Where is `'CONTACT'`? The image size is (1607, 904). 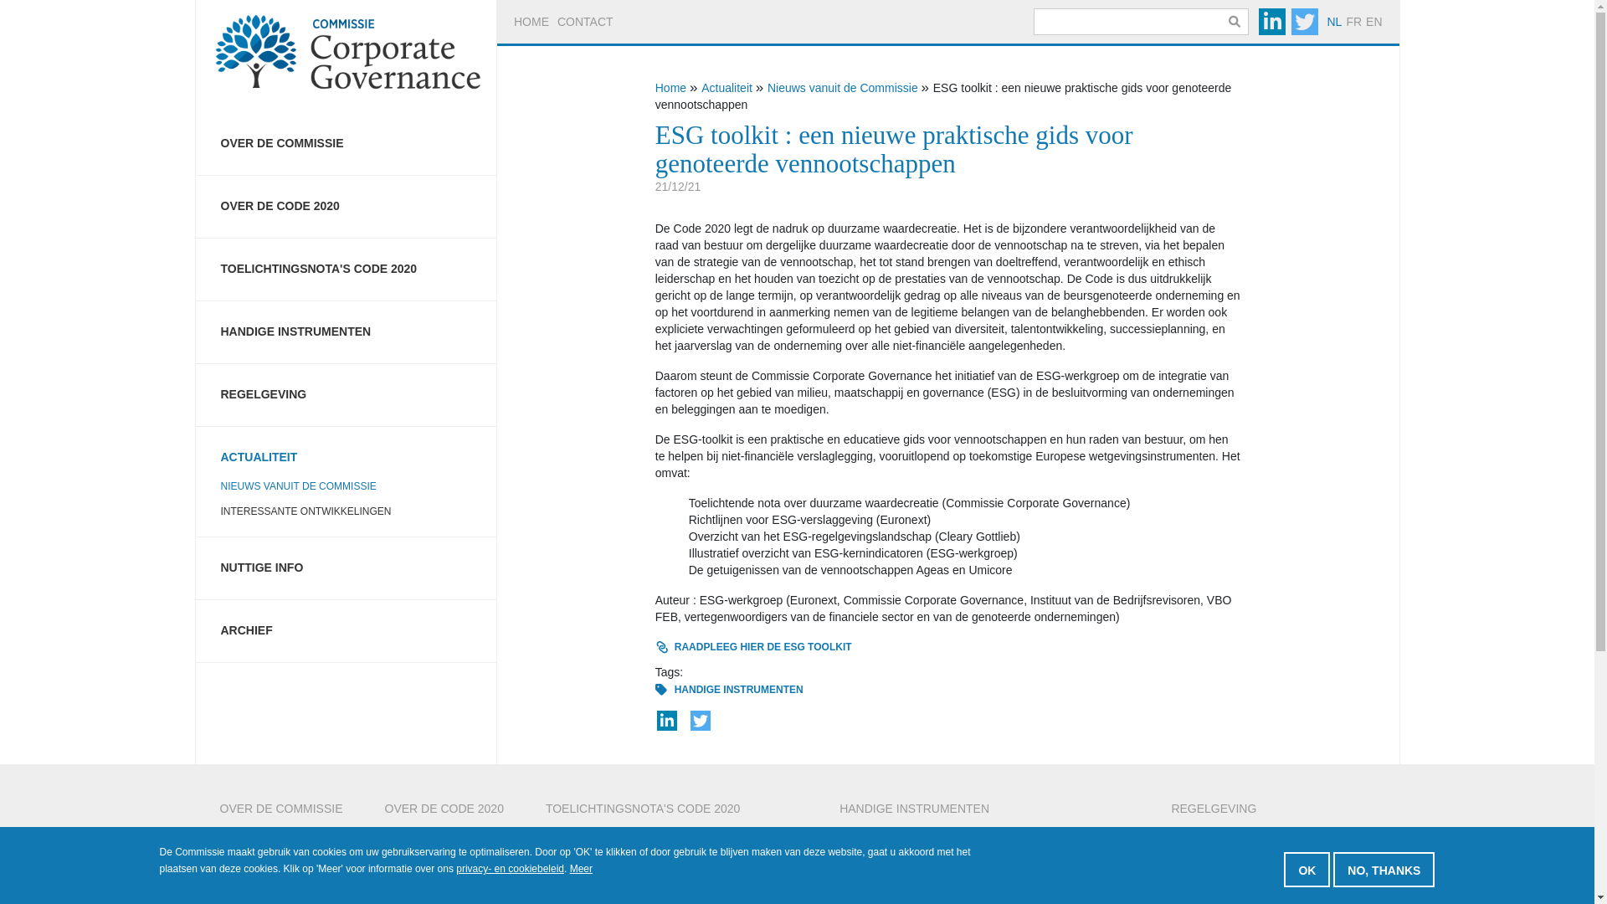
'CONTACT' is located at coordinates (585, 22).